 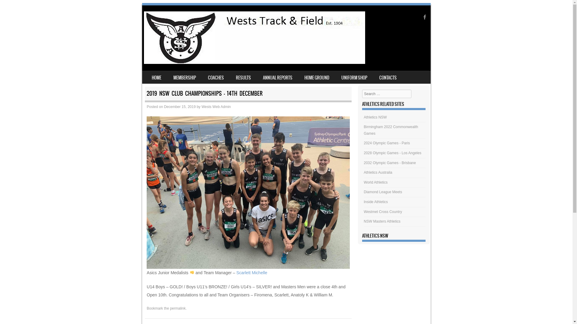 What do you see at coordinates (156, 77) in the screenshot?
I see `'HOME'` at bounding box center [156, 77].